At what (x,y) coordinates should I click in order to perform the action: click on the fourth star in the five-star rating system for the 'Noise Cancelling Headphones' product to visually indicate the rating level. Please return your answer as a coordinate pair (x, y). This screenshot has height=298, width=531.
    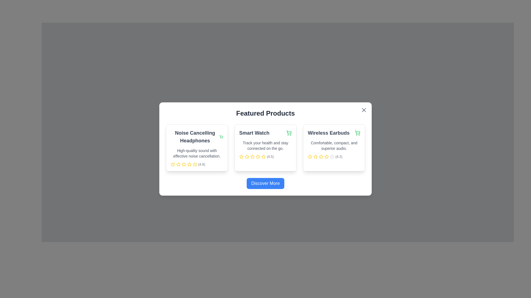
    Looking at the image, I should click on (184, 164).